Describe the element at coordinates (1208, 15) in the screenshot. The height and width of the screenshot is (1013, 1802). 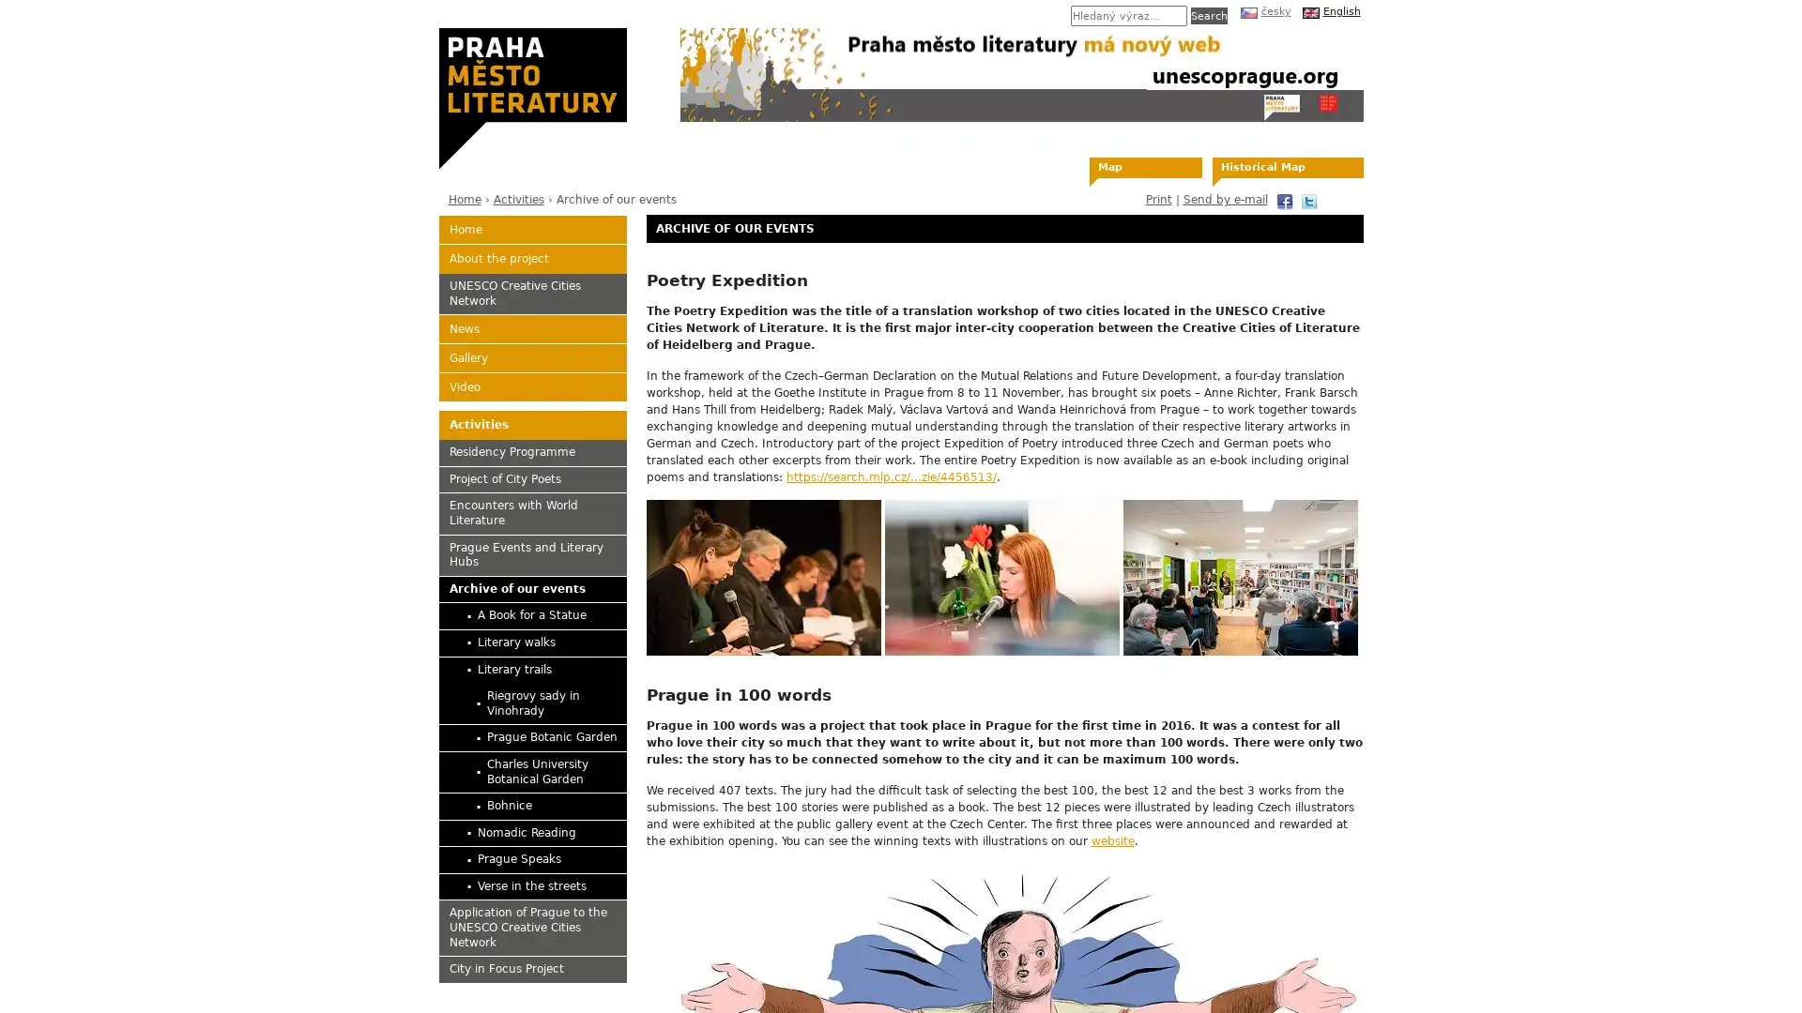
I see `Search` at that location.